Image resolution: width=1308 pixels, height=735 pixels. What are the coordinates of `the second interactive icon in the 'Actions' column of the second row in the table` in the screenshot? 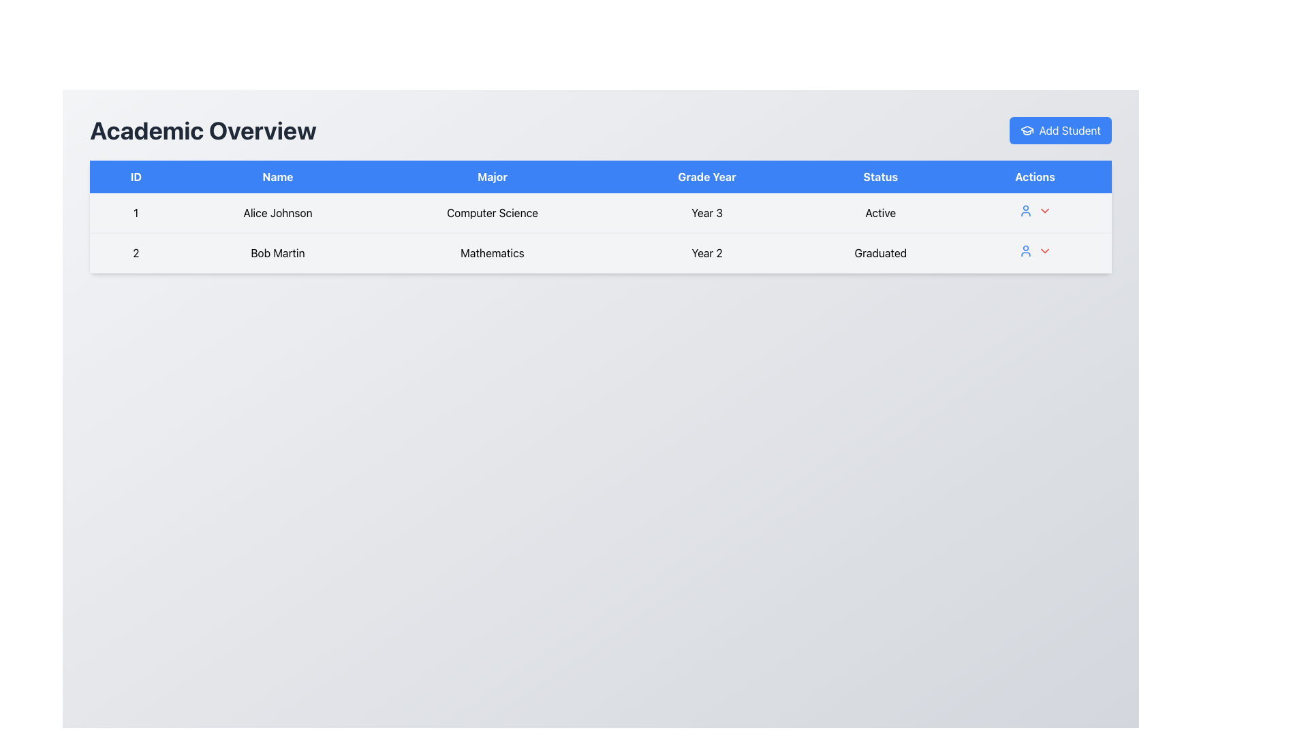 It's located at (1044, 251).